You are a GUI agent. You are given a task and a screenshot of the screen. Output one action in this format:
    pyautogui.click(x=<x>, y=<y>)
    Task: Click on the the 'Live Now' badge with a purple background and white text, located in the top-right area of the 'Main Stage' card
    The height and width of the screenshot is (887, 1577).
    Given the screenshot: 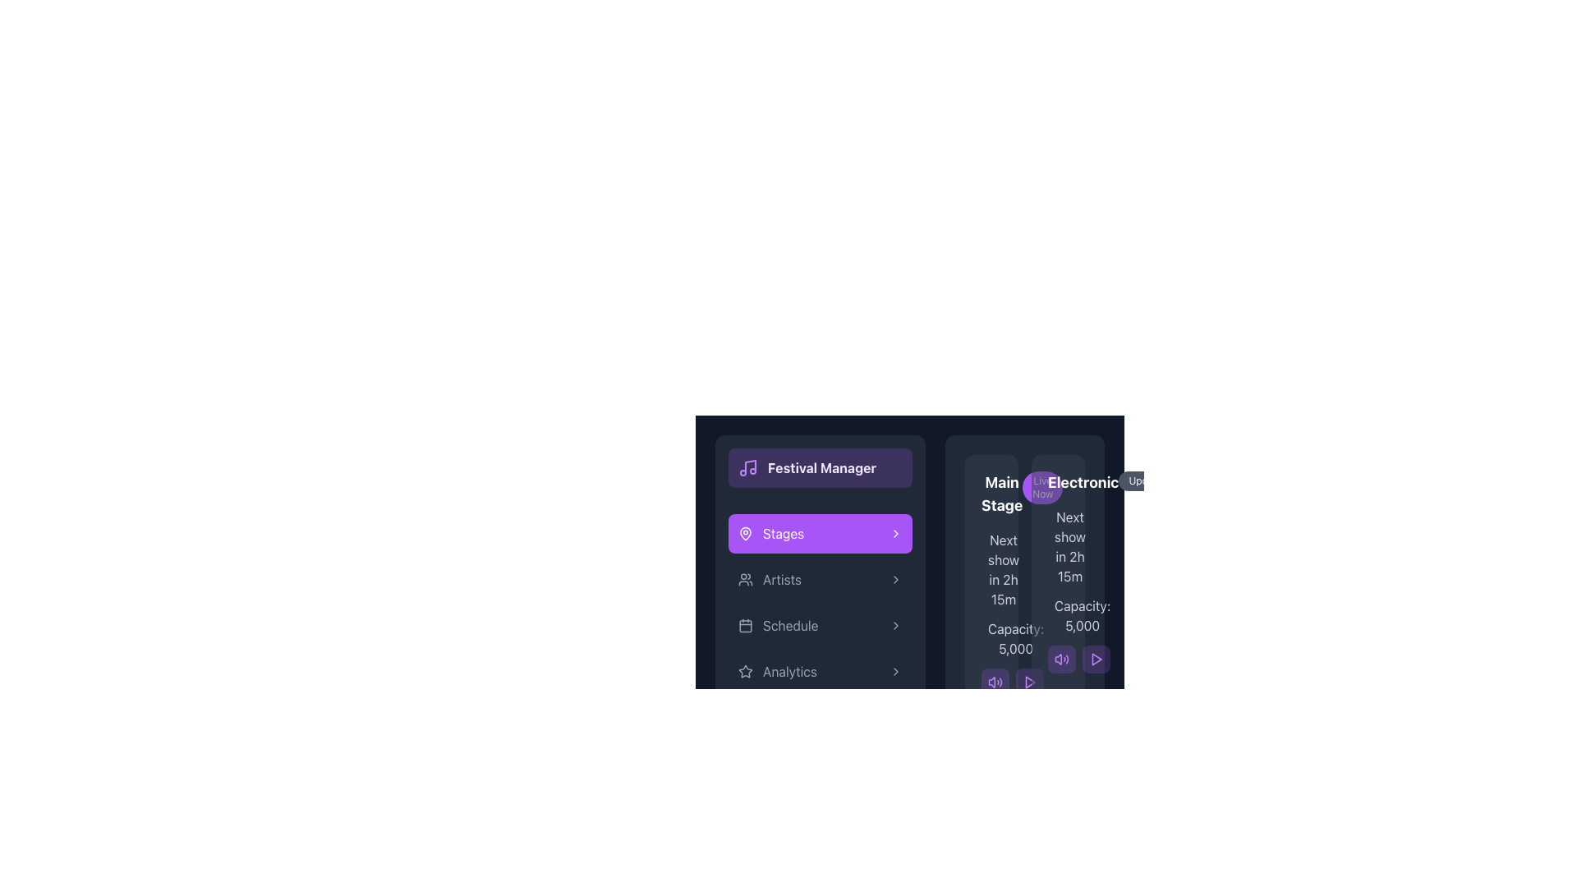 What is the action you would take?
    pyautogui.click(x=1041, y=487)
    